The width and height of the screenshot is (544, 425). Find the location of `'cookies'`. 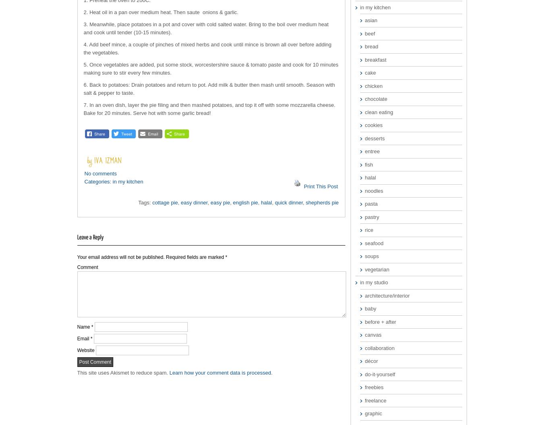

'cookies' is located at coordinates (373, 125).